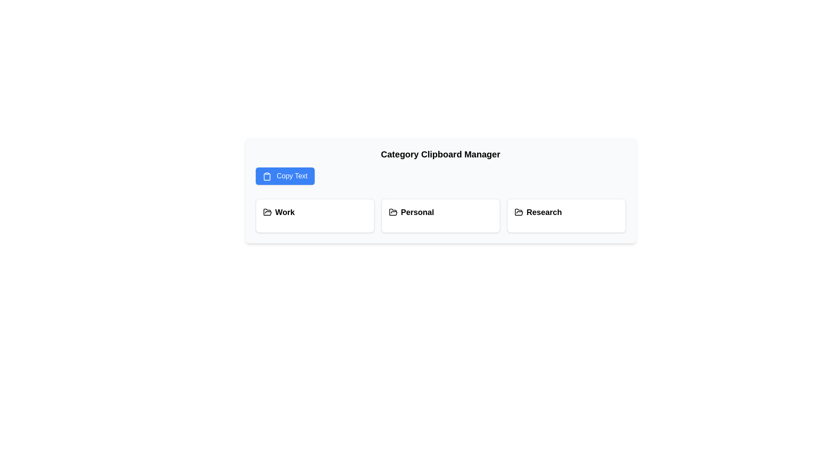 This screenshot has height=471, width=838. Describe the element at coordinates (417, 212) in the screenshot. I see `the bold text label reading 'Personal'` at that location.